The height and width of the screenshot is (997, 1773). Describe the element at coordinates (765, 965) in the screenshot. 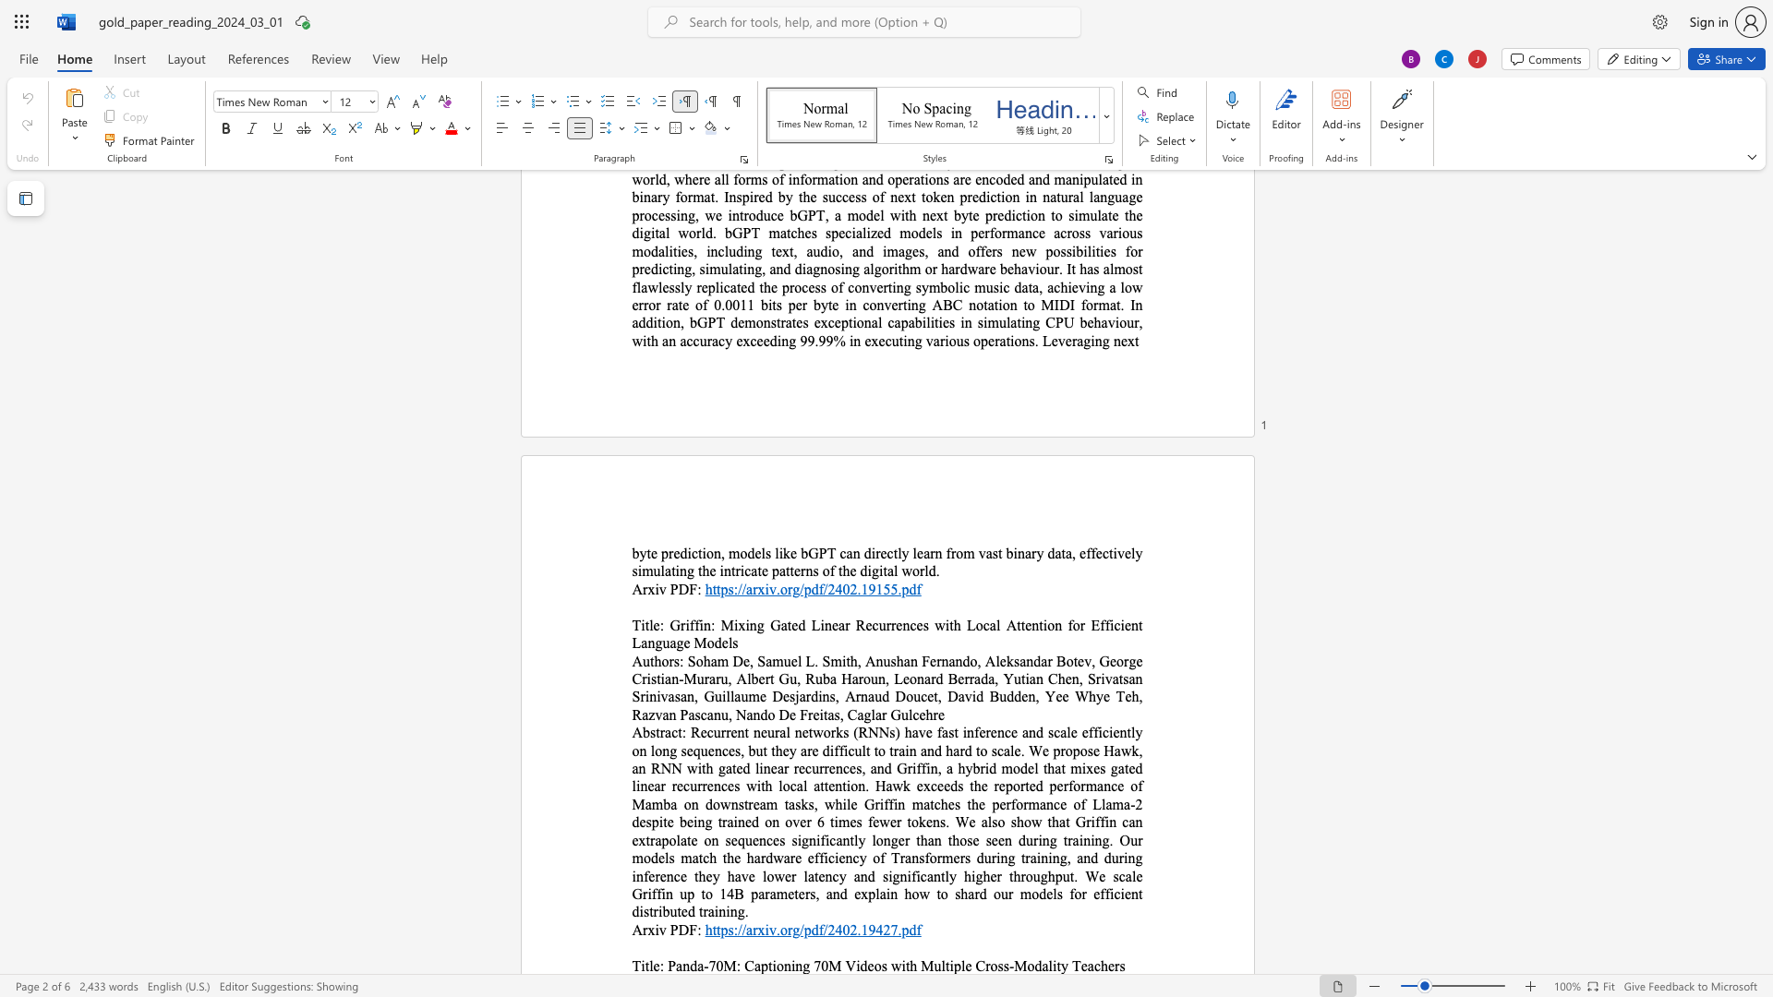

I see `the 1th character "p" in the text` at that location.